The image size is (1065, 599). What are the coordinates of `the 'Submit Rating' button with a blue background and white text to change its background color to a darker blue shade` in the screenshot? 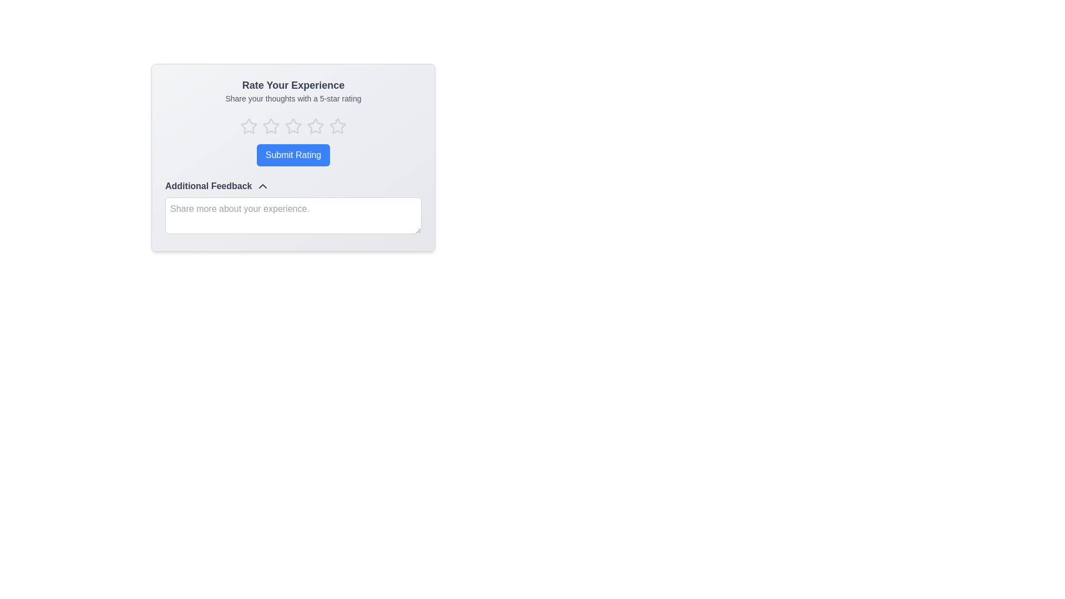 It's located at (293, 155).